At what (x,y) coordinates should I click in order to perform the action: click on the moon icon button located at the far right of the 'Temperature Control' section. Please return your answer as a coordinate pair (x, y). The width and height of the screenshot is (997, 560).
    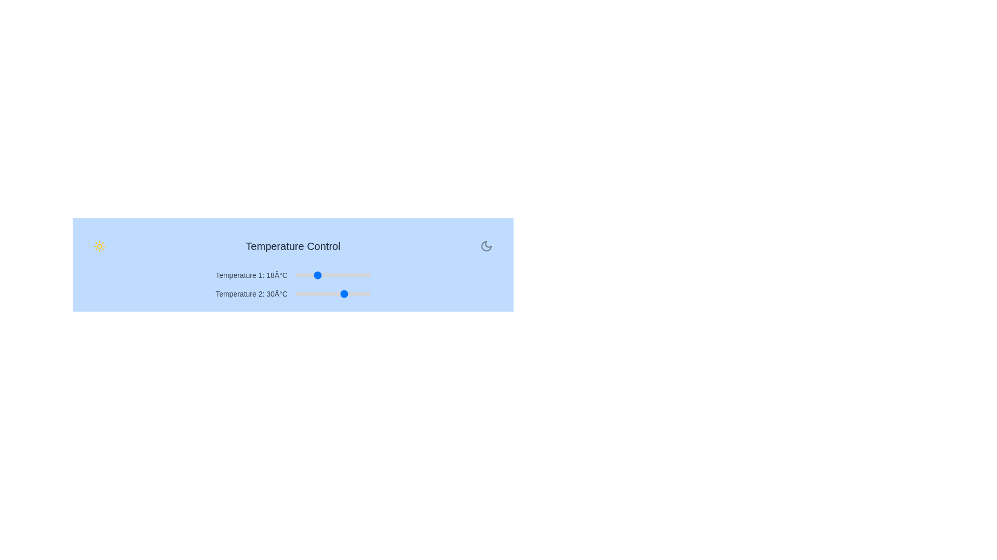
    Looking at the image, I should click on (486, 246).